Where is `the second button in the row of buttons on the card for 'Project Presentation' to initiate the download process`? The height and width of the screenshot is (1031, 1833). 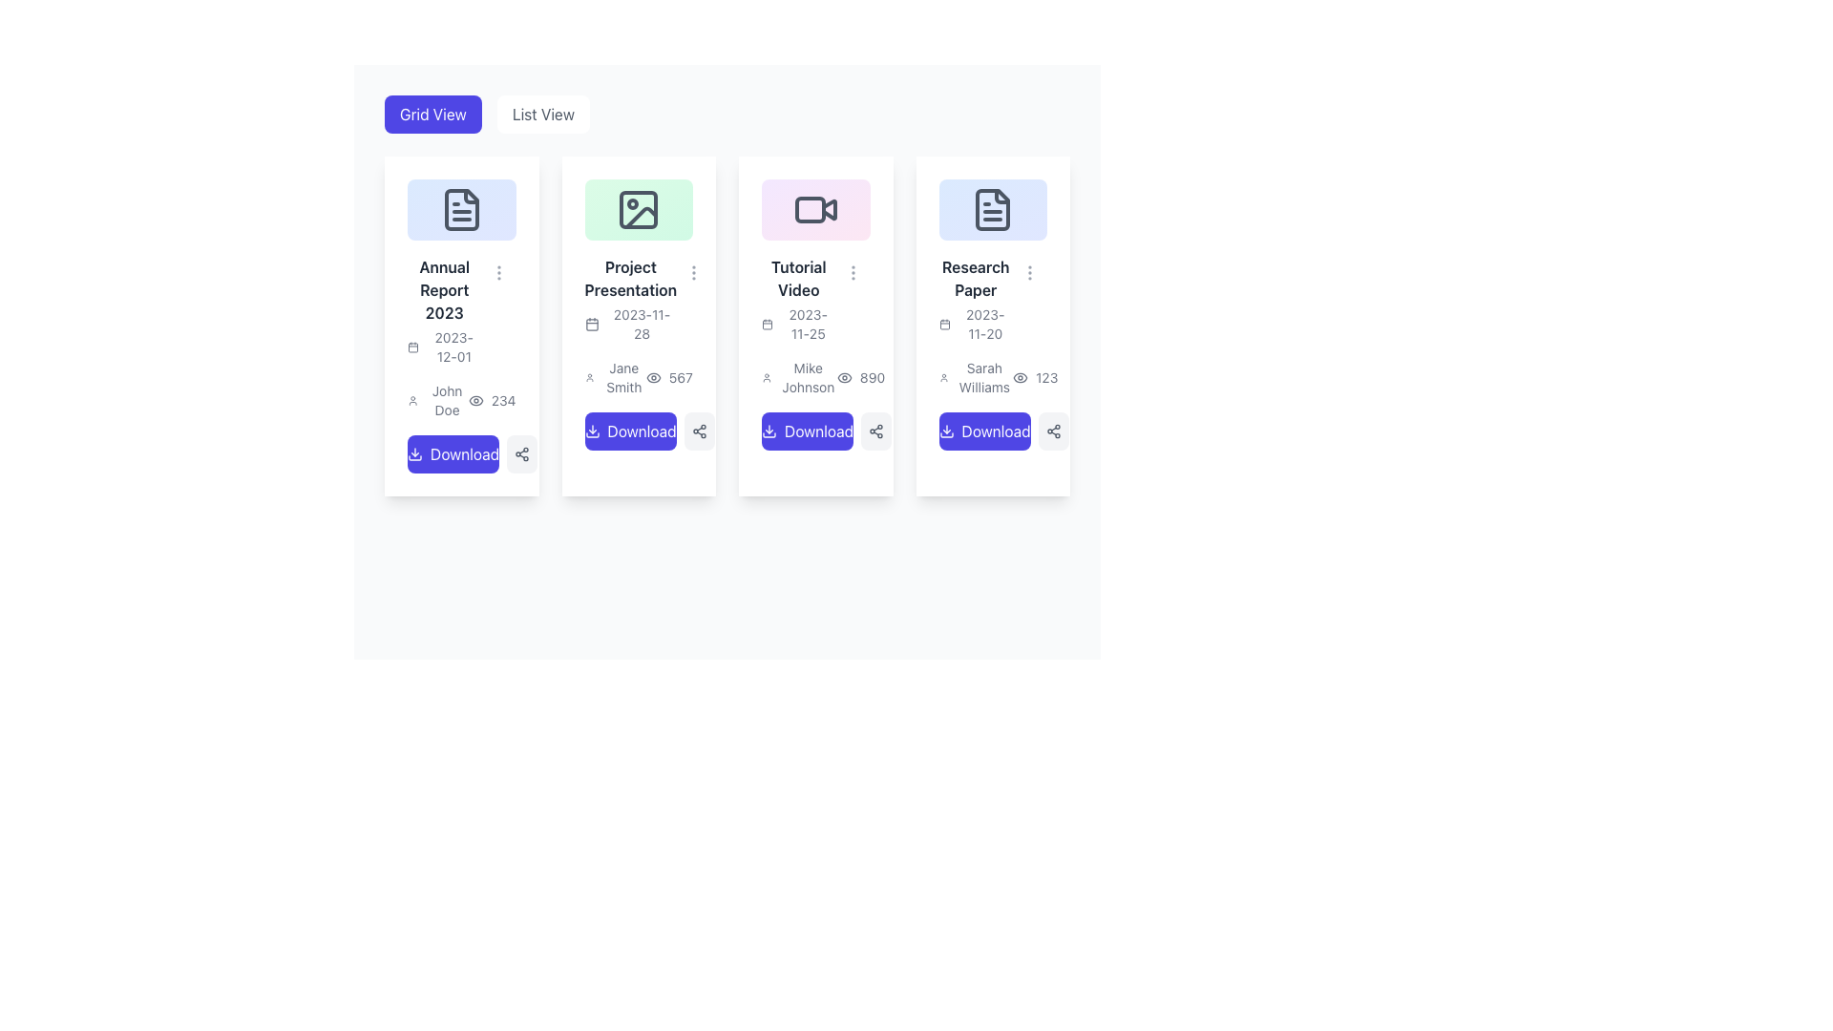
the second button in the row of buttons on the card for 'Project Presentation' to initiate the download process is located at coordinates (630, 431).